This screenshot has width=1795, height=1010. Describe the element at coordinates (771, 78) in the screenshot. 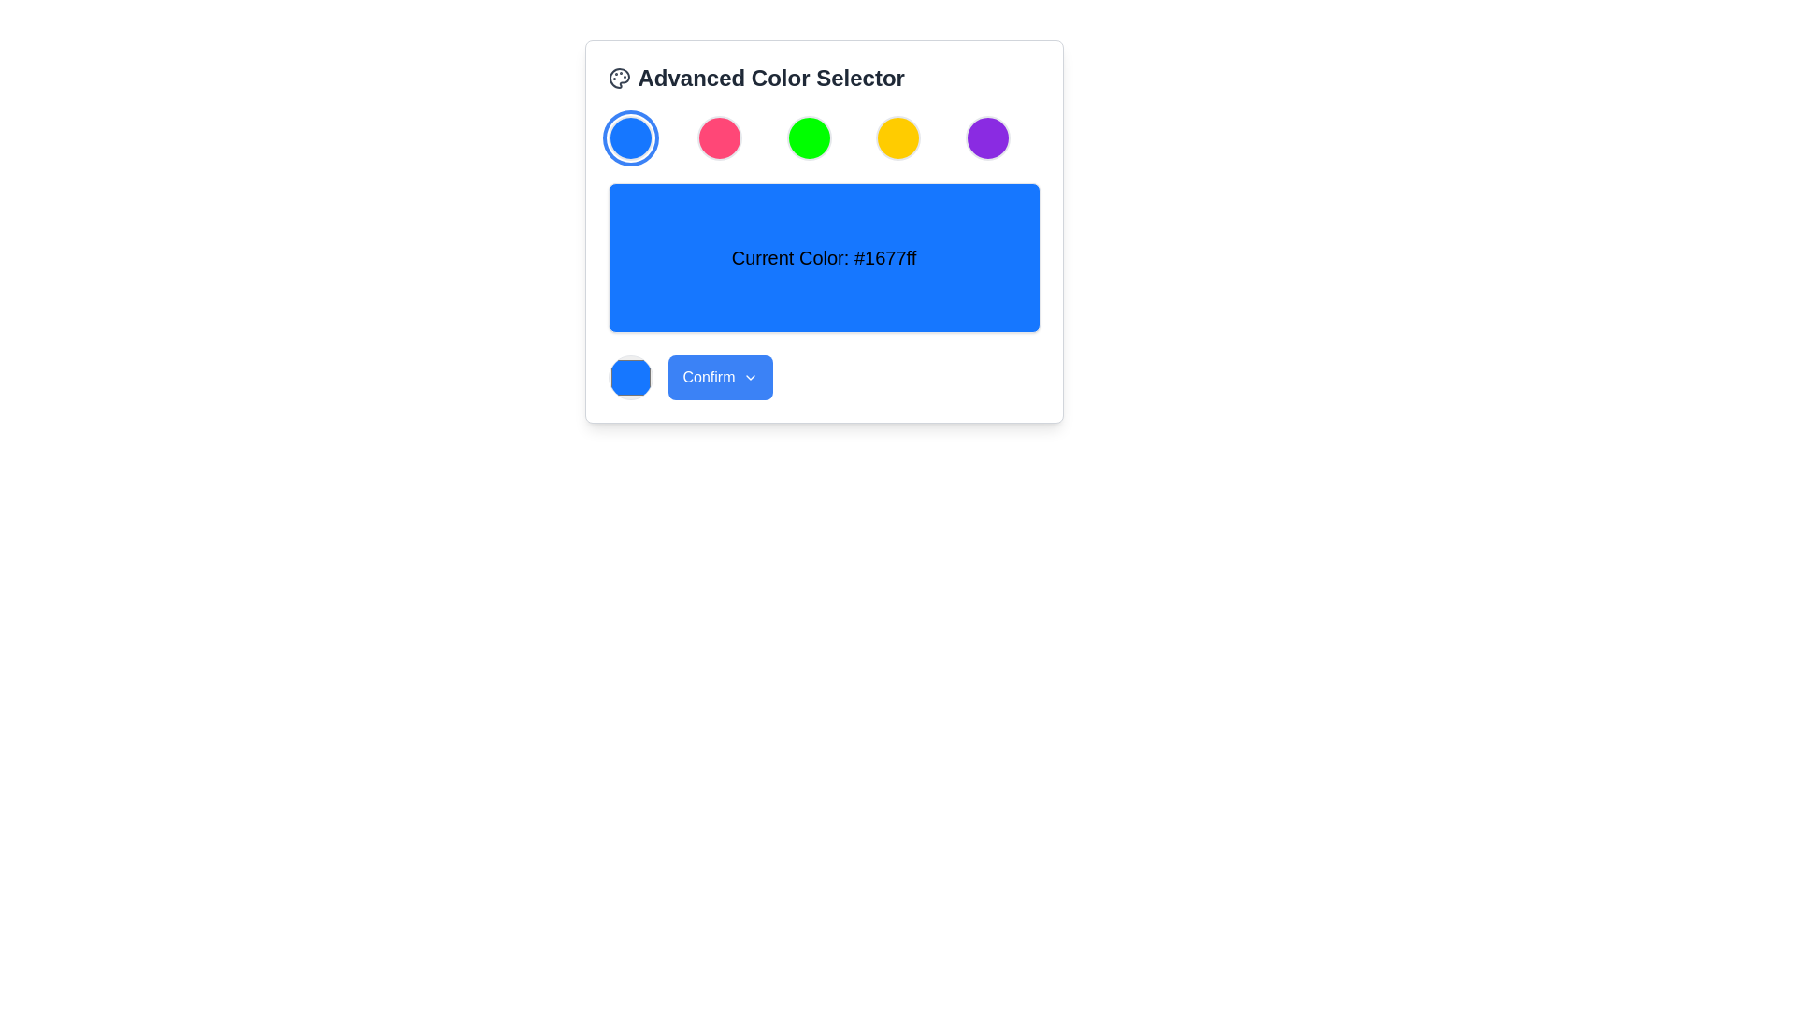

I see `the 'Advanced Color Selector' label displayed in large bold dark gray font, located at the top of a widget next to a small icon` at that location.